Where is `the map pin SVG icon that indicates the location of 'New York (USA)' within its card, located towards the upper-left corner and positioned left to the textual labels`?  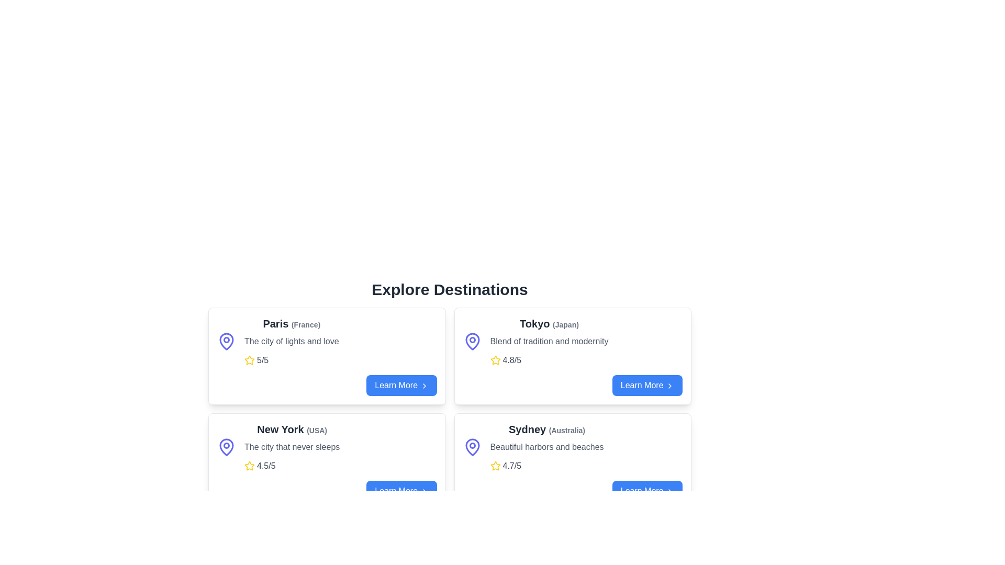
the map pin SVG icon that indicates the location of 'New York (USA)' within its card, located towards the upper-left corner and positioned left to the textual labels is located at coordinates (226, 447).